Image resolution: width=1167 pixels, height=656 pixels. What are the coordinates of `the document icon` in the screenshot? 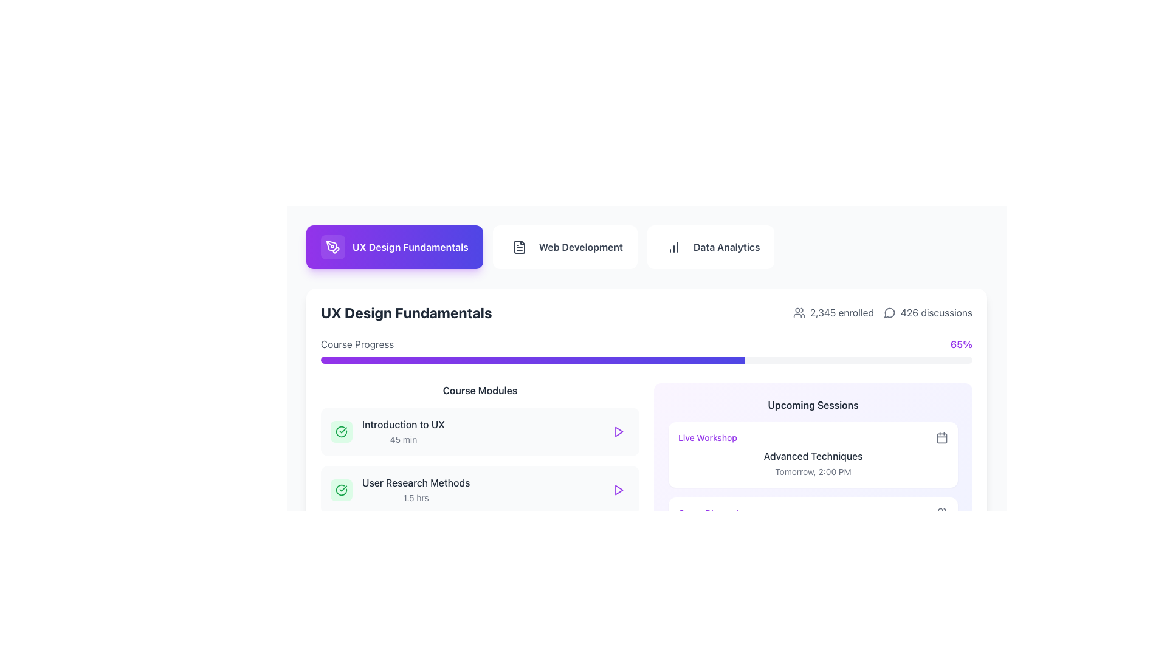 It's located at (519, 247).